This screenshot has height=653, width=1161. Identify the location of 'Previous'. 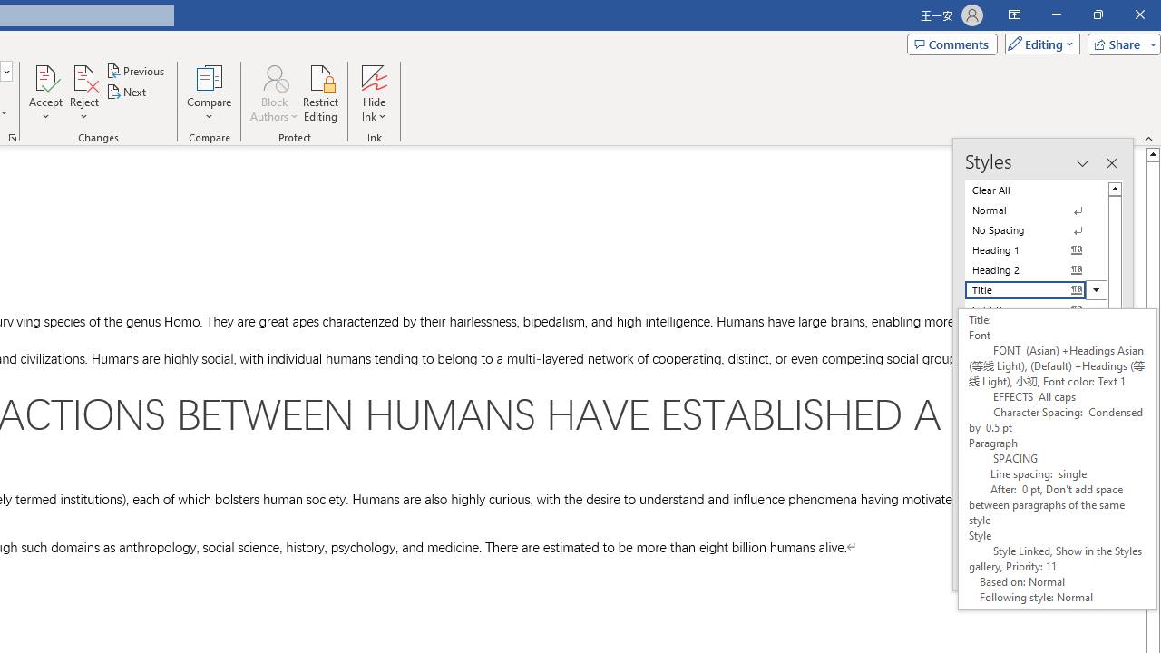
(136, 70).